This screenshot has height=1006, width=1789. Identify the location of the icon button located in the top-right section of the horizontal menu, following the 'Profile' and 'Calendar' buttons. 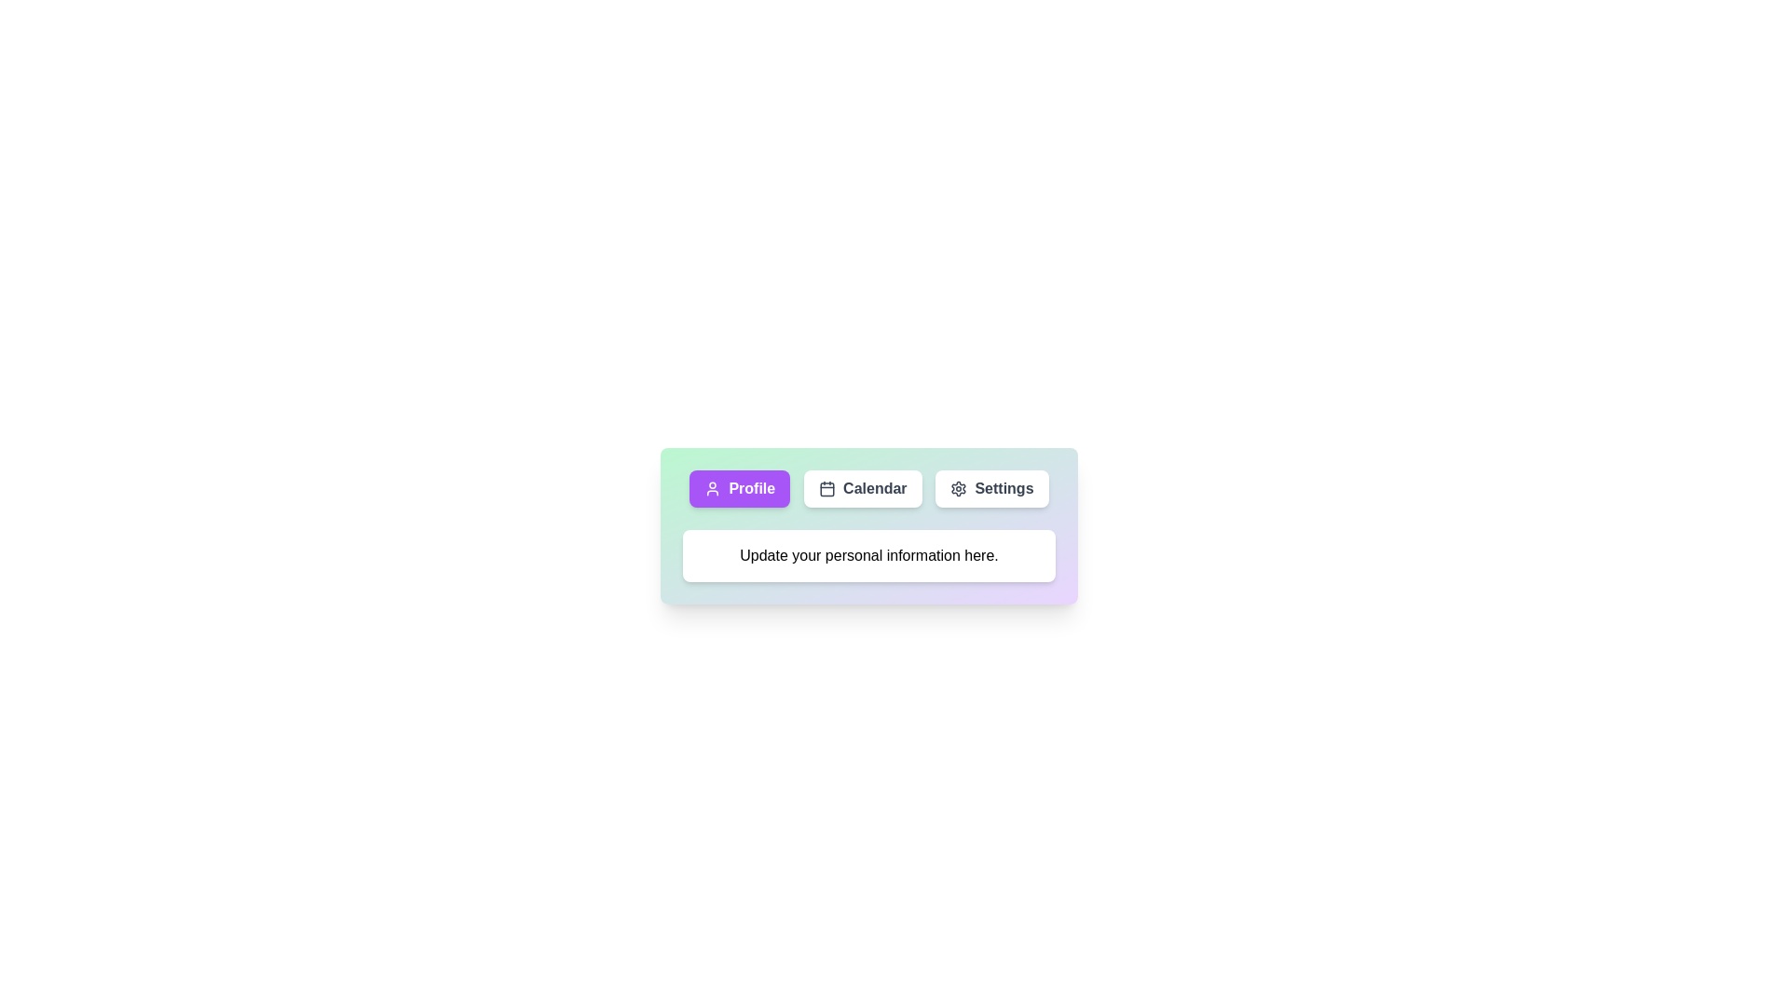
(959, 487).